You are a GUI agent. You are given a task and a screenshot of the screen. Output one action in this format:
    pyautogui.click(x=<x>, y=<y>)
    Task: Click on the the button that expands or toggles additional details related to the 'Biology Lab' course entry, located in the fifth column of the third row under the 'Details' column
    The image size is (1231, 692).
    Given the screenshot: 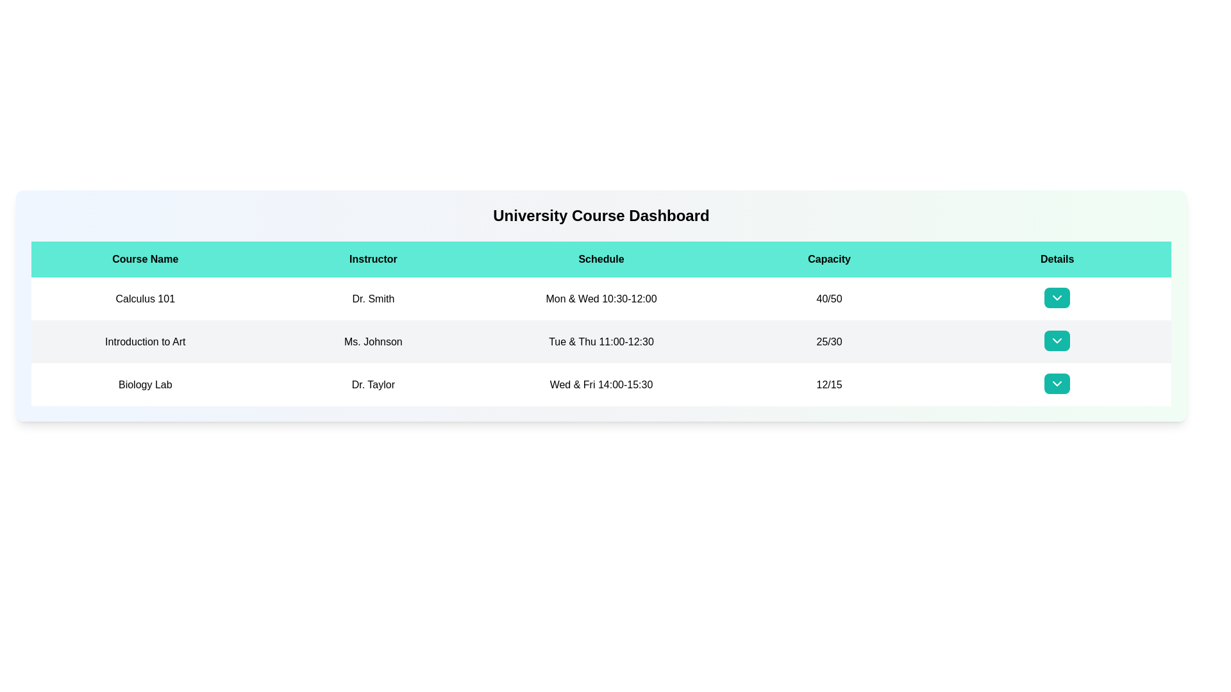 What is the action you would take?
    pyautogui.click(x=1057, y=384)
    